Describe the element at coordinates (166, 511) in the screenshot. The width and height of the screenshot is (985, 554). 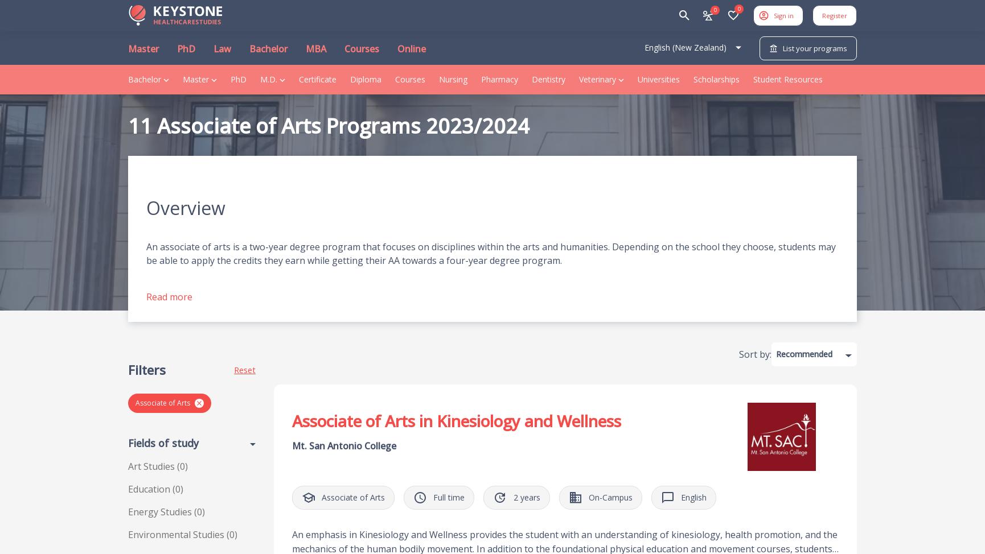
I see `'Energy Studies (0)'` at that location.